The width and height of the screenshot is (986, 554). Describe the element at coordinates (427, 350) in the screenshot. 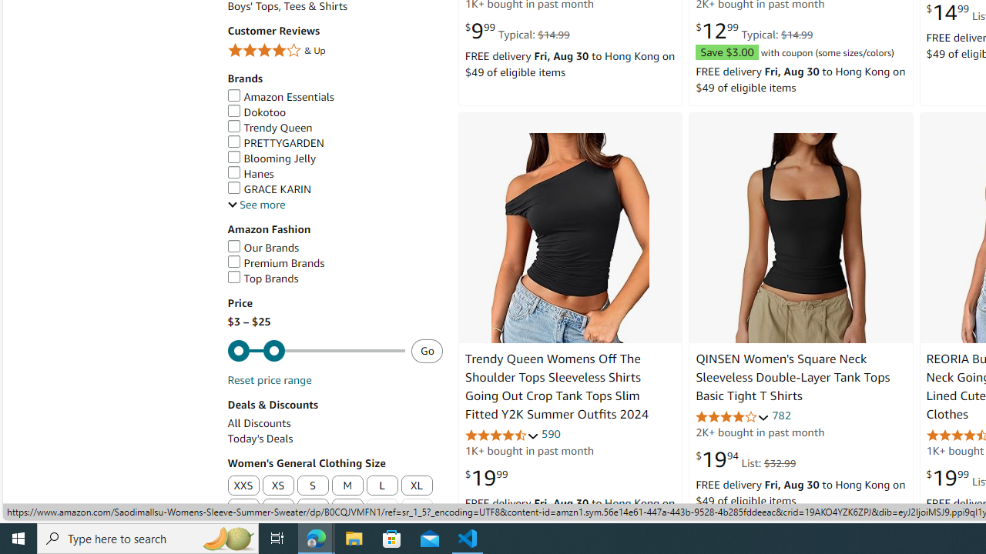

I see `'Go - Submit price range'` at that location.